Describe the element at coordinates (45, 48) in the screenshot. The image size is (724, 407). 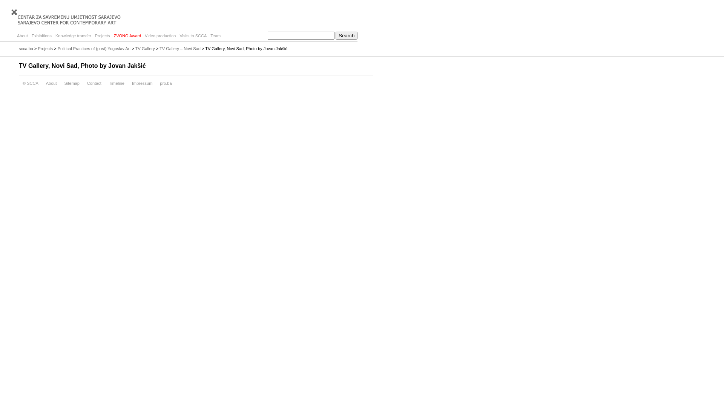
I see `'Projects'` at that location.